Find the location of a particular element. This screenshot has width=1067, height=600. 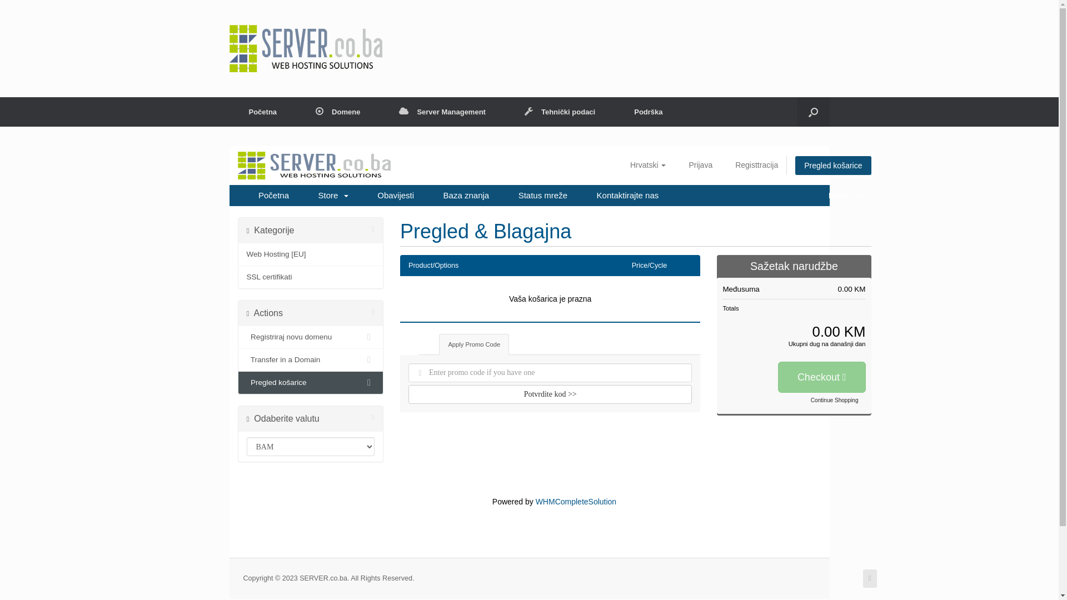

'WHMCompleteSolution' is located at coordinates (576, 501).